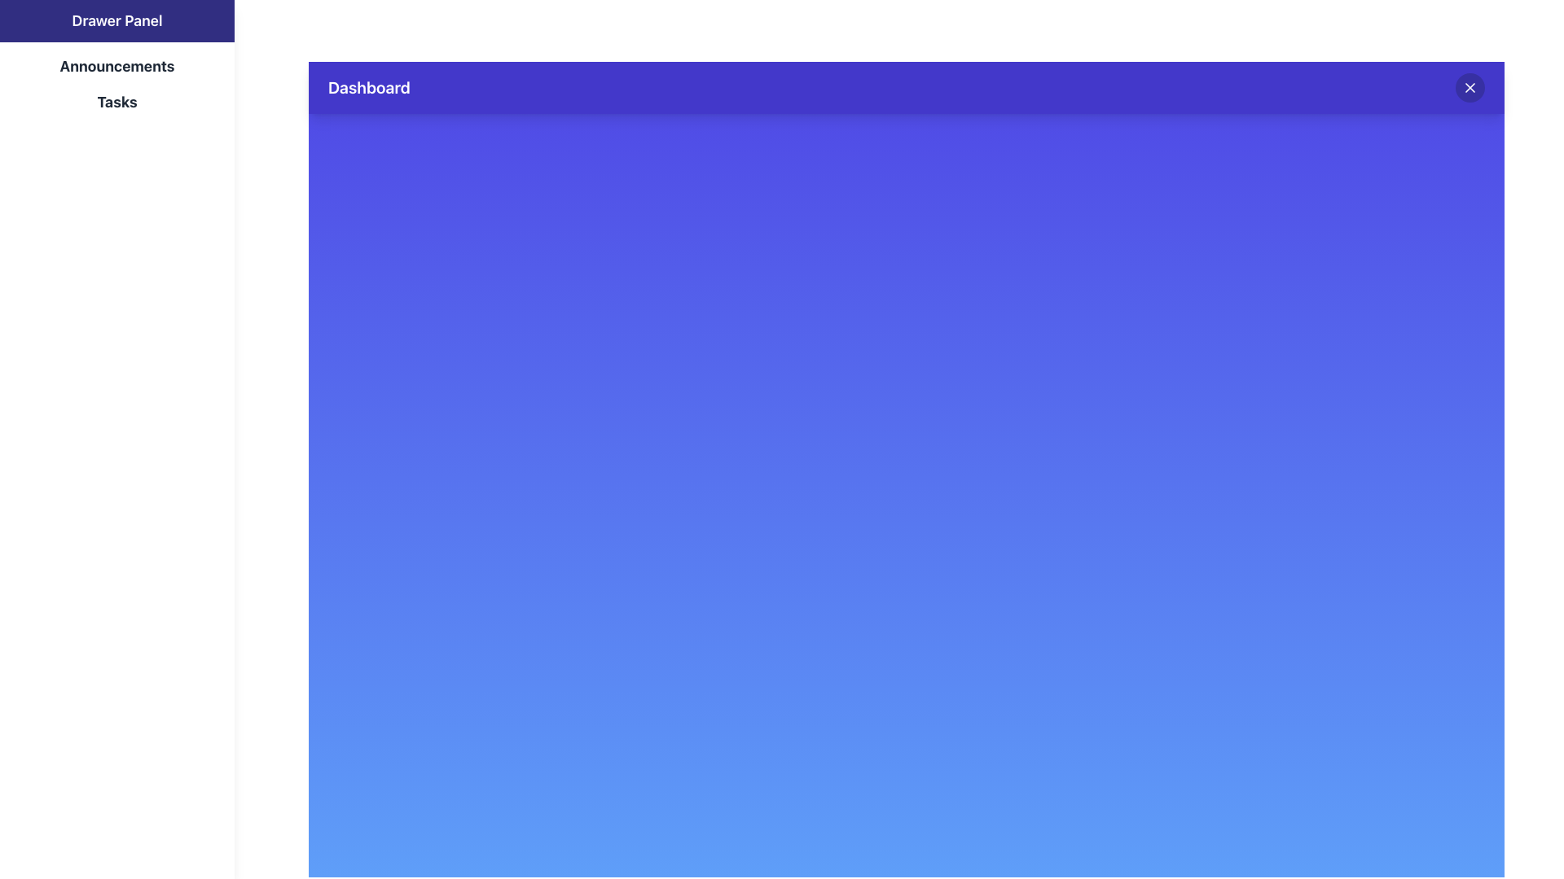 This screenshot has height=879, width=1564. I want to click on the circular button with a dark indigo background and a cross icon located at the far right of the top navigation bar, so click(1470, 88).